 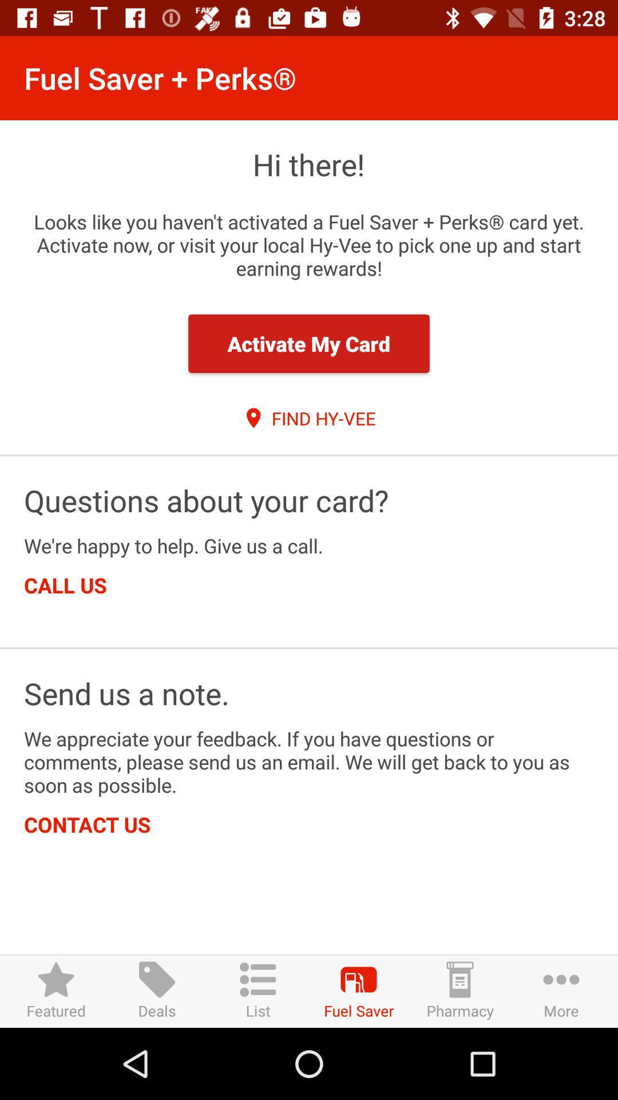 What do you see at coordinates (86, 824) in the screenshot?
I see `the contact us icon` at bounding box center [86, 824].